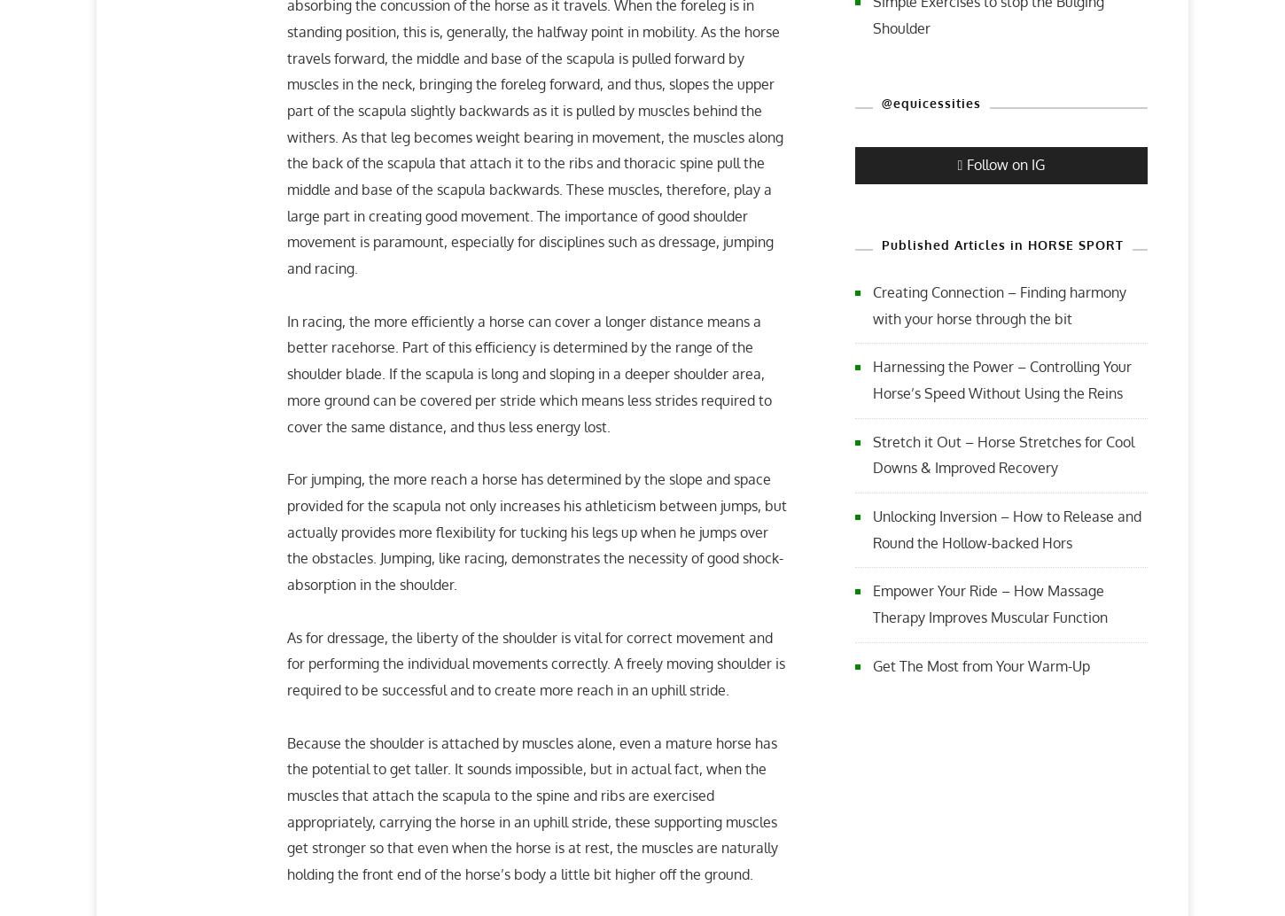 The image size is (1285, 916). I want to click on 'Stretch it Out – Horse Stretches for Cool Downs & Improved Recovery', so click(1002, 453).